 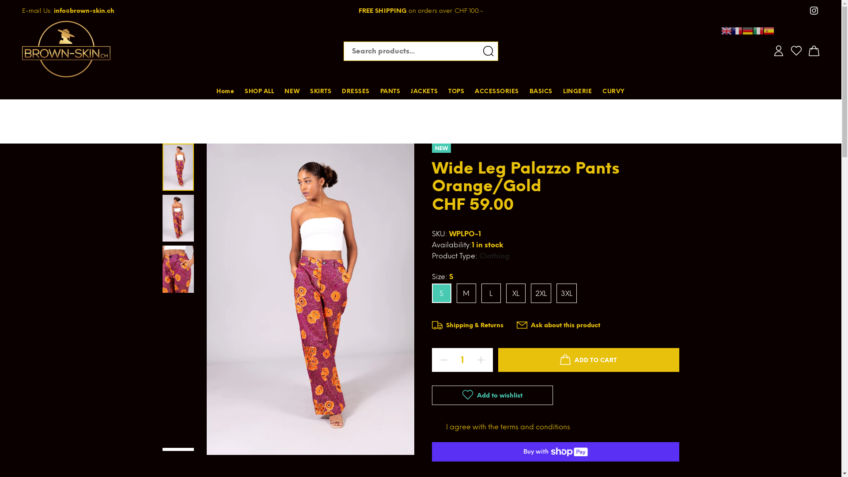 I want to click on 'TOPS', so click(x=456, y=91).